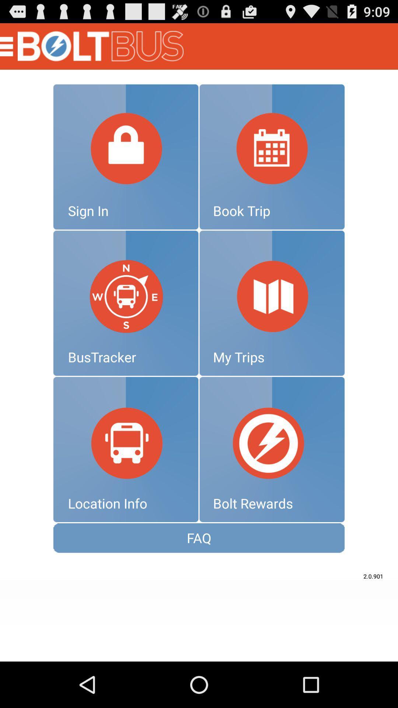  Describe the element at coordinates (272, 303) in the screenshot. I see `my trips` at that location.